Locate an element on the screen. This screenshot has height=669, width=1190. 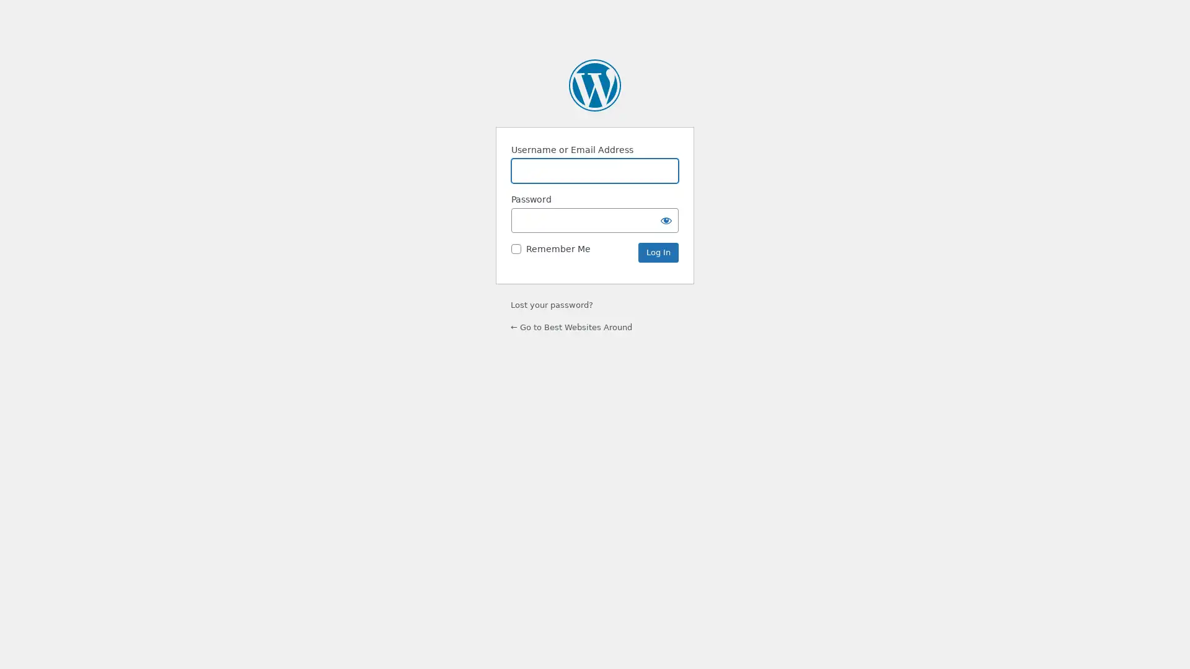
Log In is located at coordinates (658, 252).